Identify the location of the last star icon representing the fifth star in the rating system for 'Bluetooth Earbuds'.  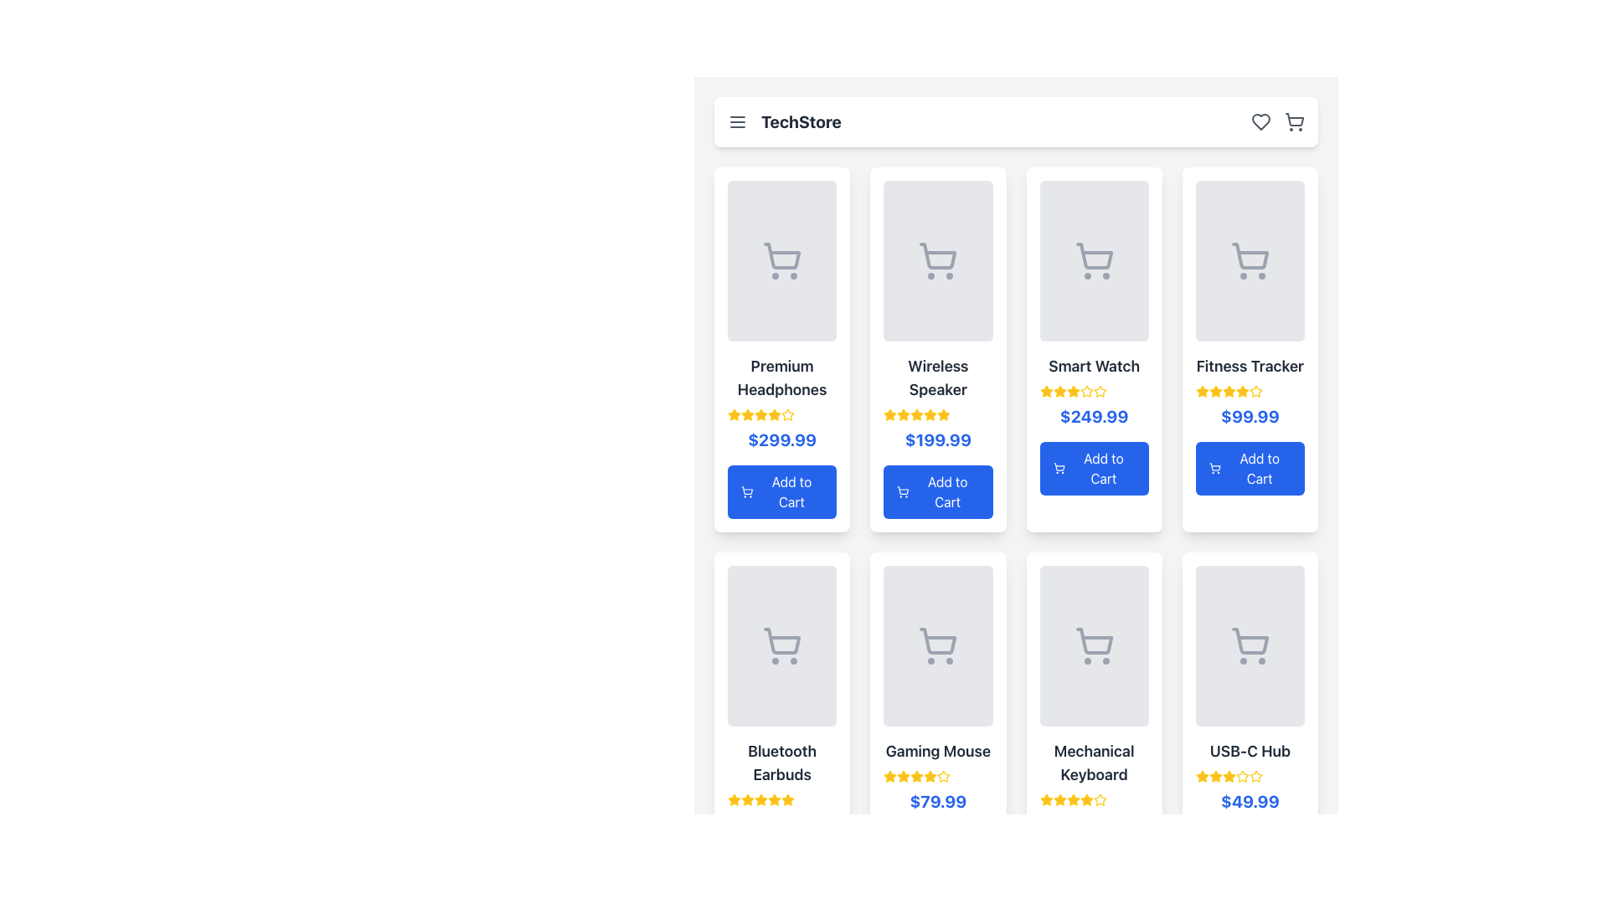
(786, 799).